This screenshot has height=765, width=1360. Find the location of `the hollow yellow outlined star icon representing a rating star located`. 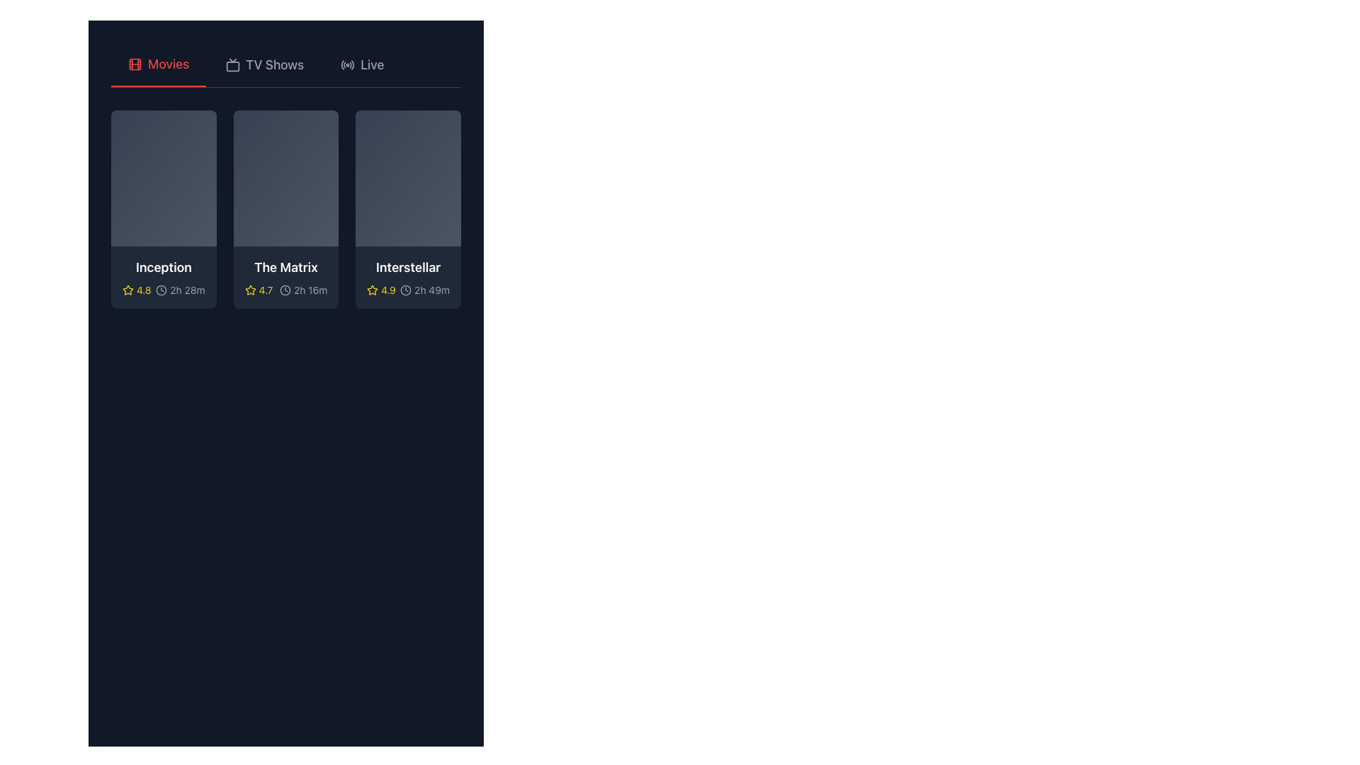

the hollow yellow outlined star icon representing a rating star located is located at coordinates (250, 289).